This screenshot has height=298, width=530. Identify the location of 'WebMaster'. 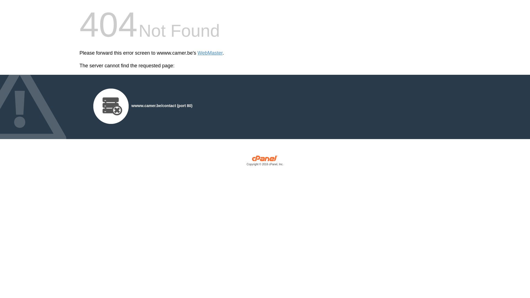
(210, 53).